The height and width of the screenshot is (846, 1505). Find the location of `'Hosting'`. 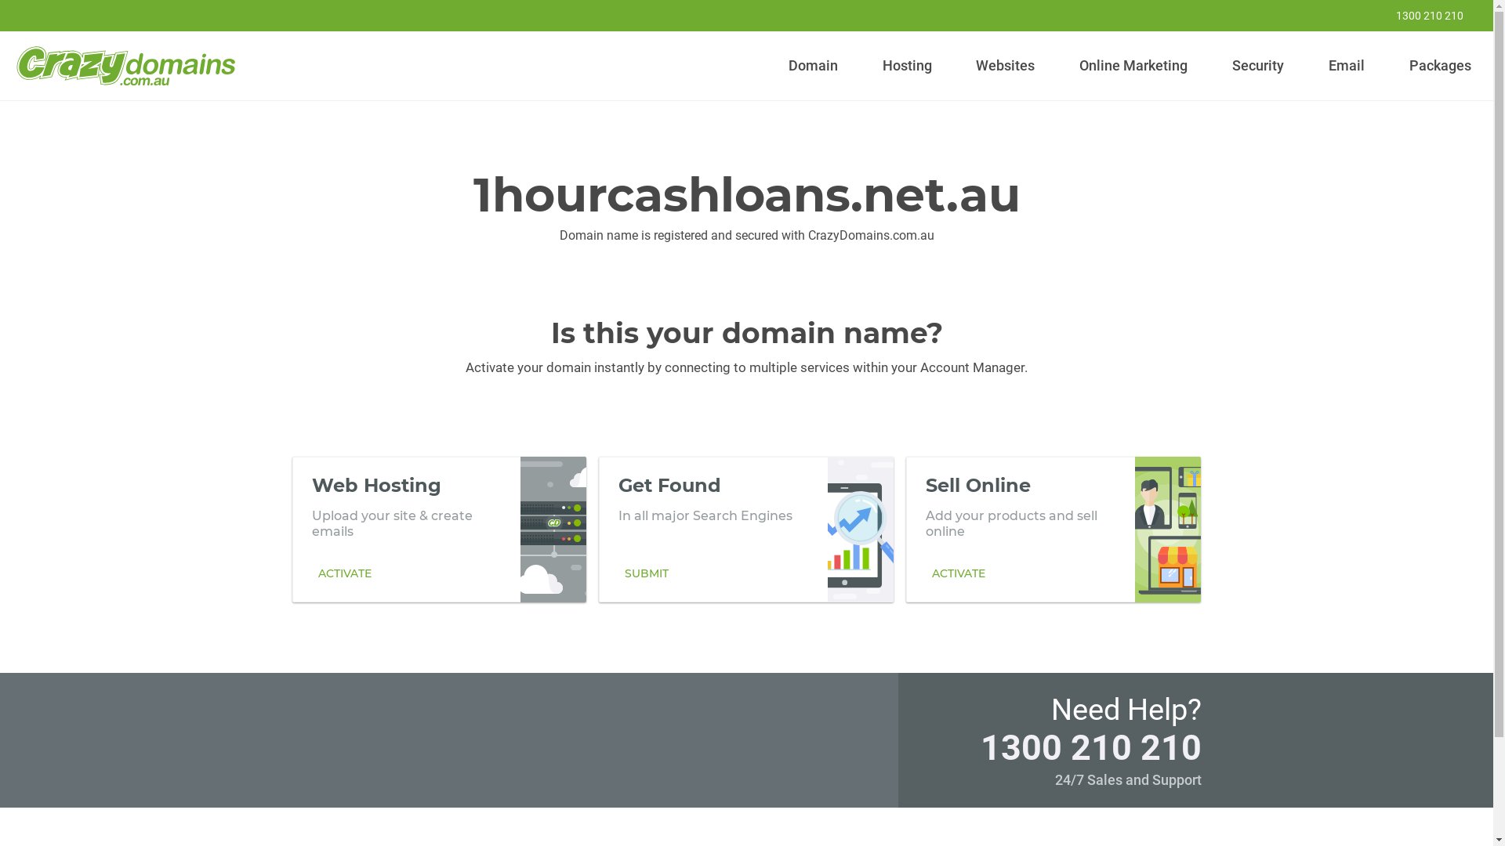

'Hosting' is located at coordinates (906, 65).